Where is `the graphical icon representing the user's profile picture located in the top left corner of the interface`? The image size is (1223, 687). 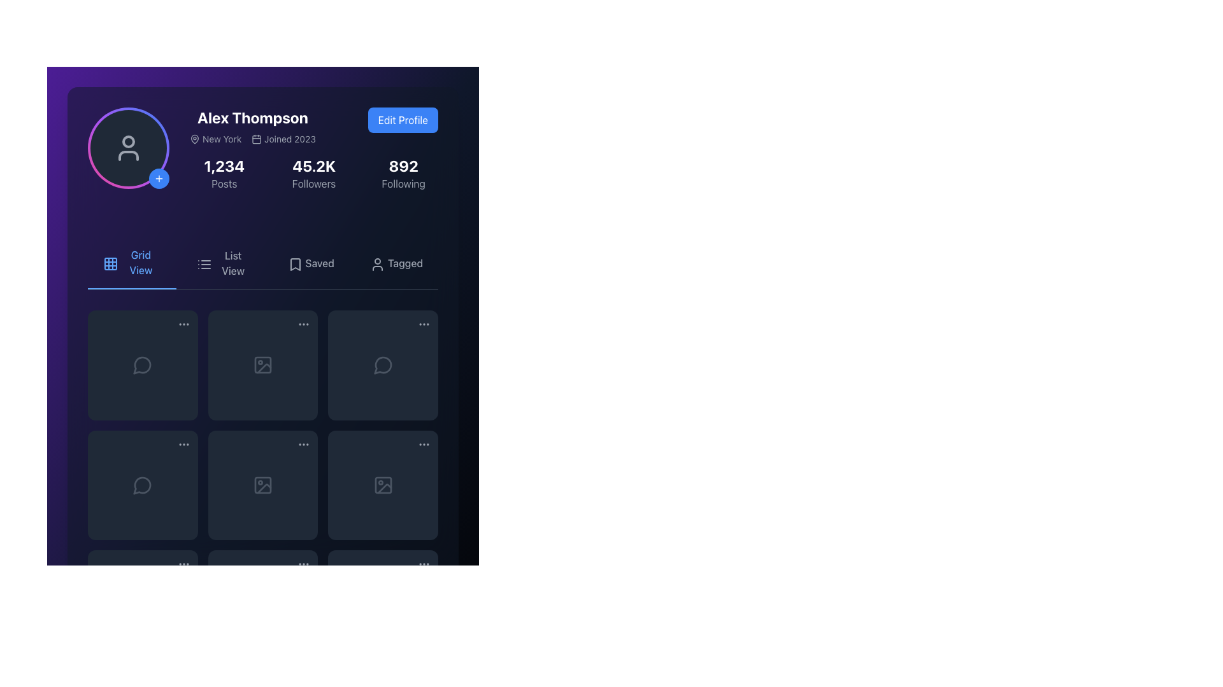 the graphical icon representing the user's profile picture located in the top left corner of the interface is located at coordinates (128, 142).